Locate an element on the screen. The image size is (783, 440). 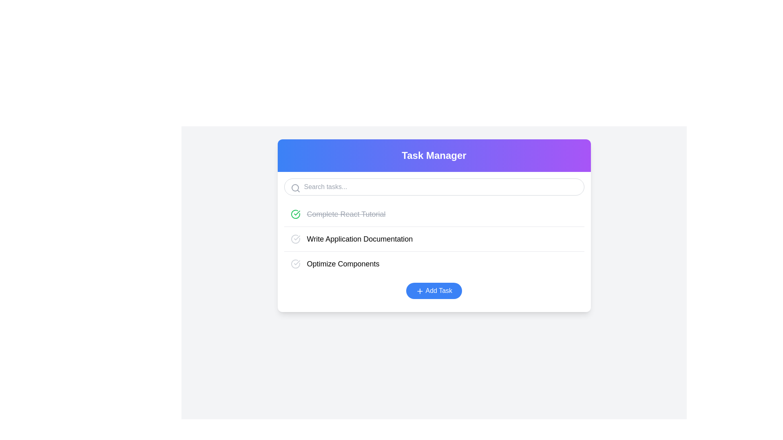
the second task item in the task manager application, which represents the action 'Write Application Documentation' is located at coordinates (434, 238).